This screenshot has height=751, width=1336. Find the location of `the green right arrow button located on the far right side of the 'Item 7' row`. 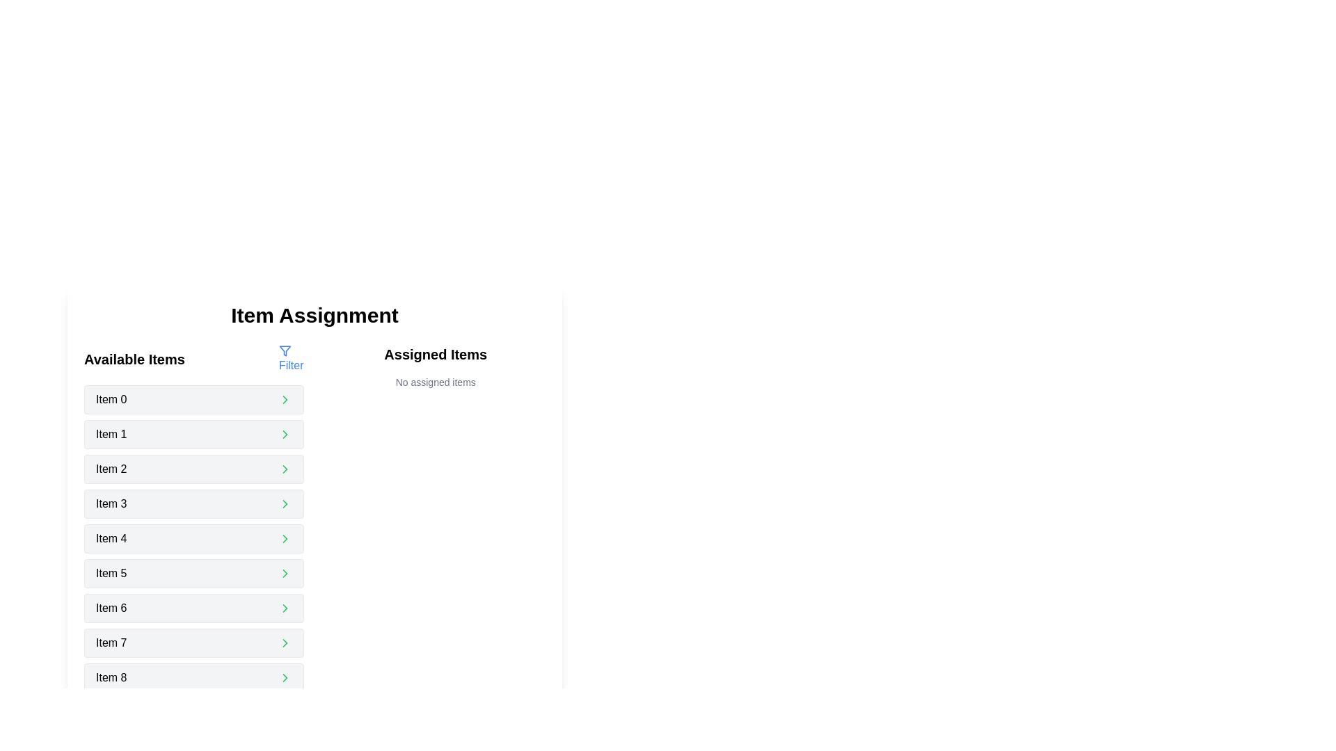

the green right arrow button located on the far right side of the 'Item 7' row is located at coordinates (284, 643).